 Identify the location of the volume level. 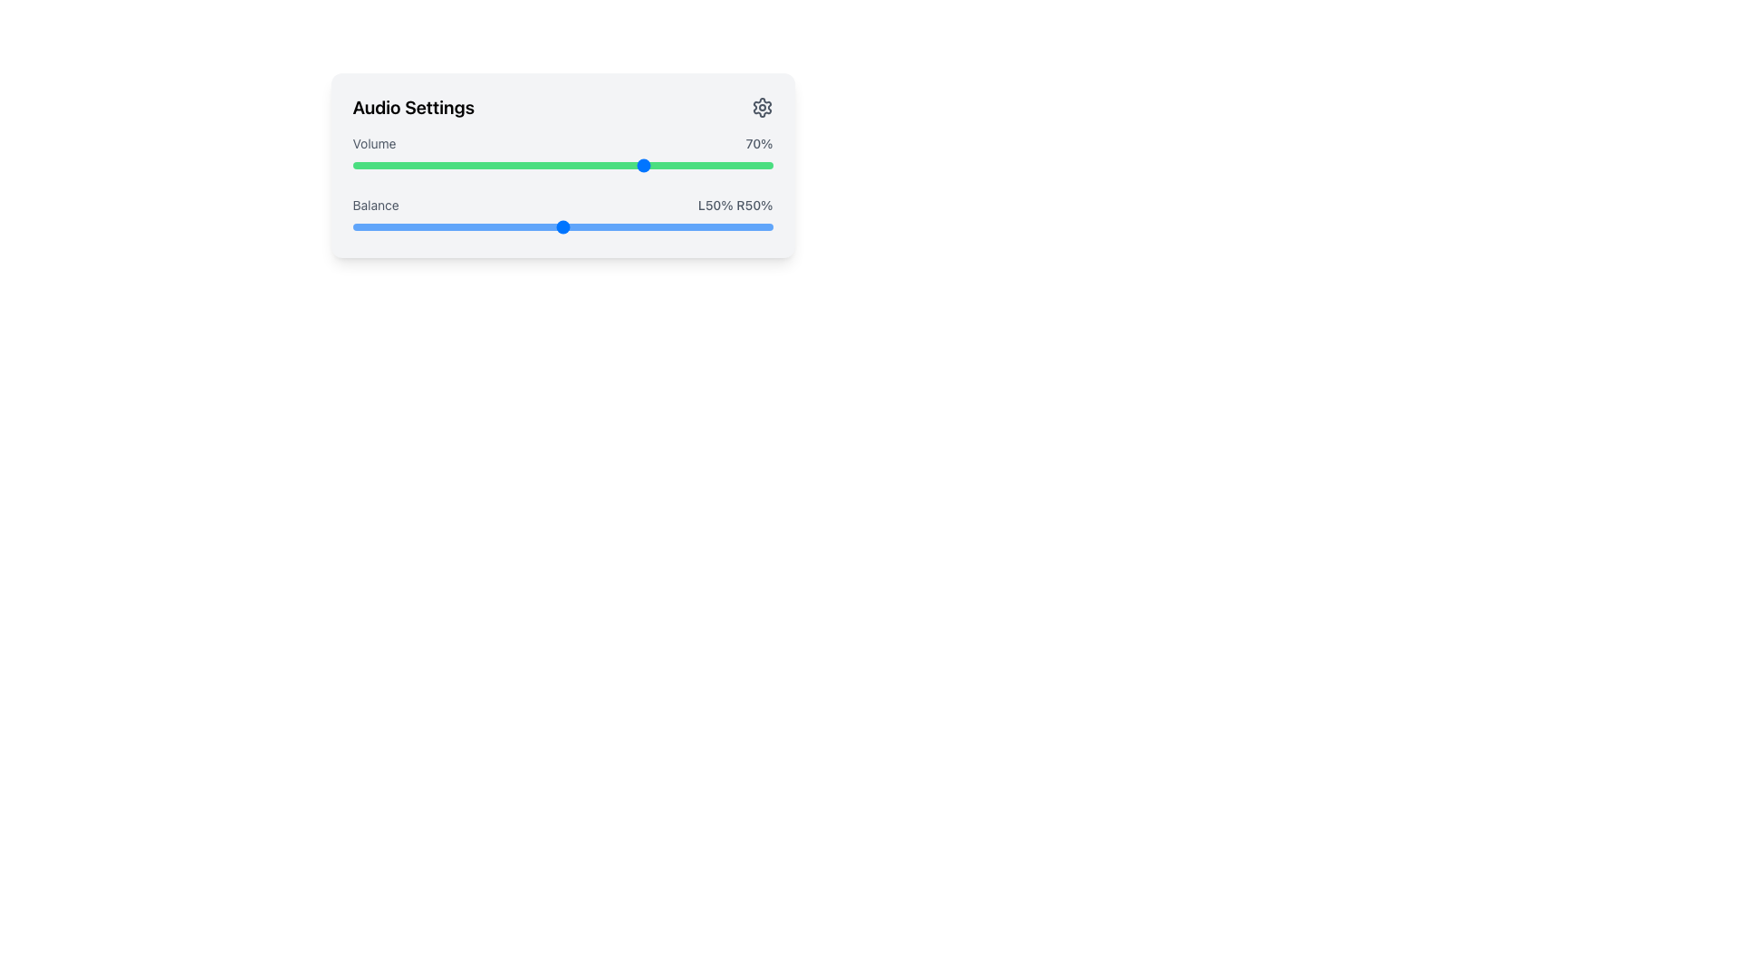
(533, 165).